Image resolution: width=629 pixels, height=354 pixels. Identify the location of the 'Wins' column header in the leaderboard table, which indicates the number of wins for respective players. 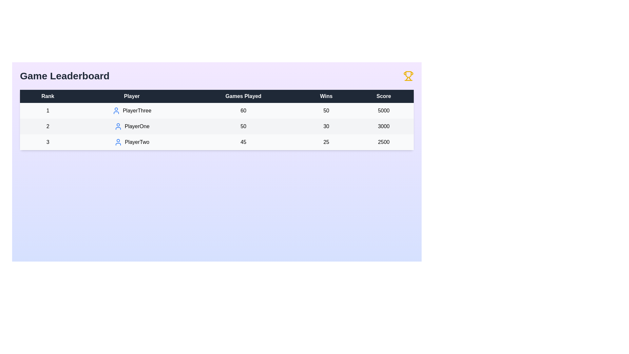
(326, 96).